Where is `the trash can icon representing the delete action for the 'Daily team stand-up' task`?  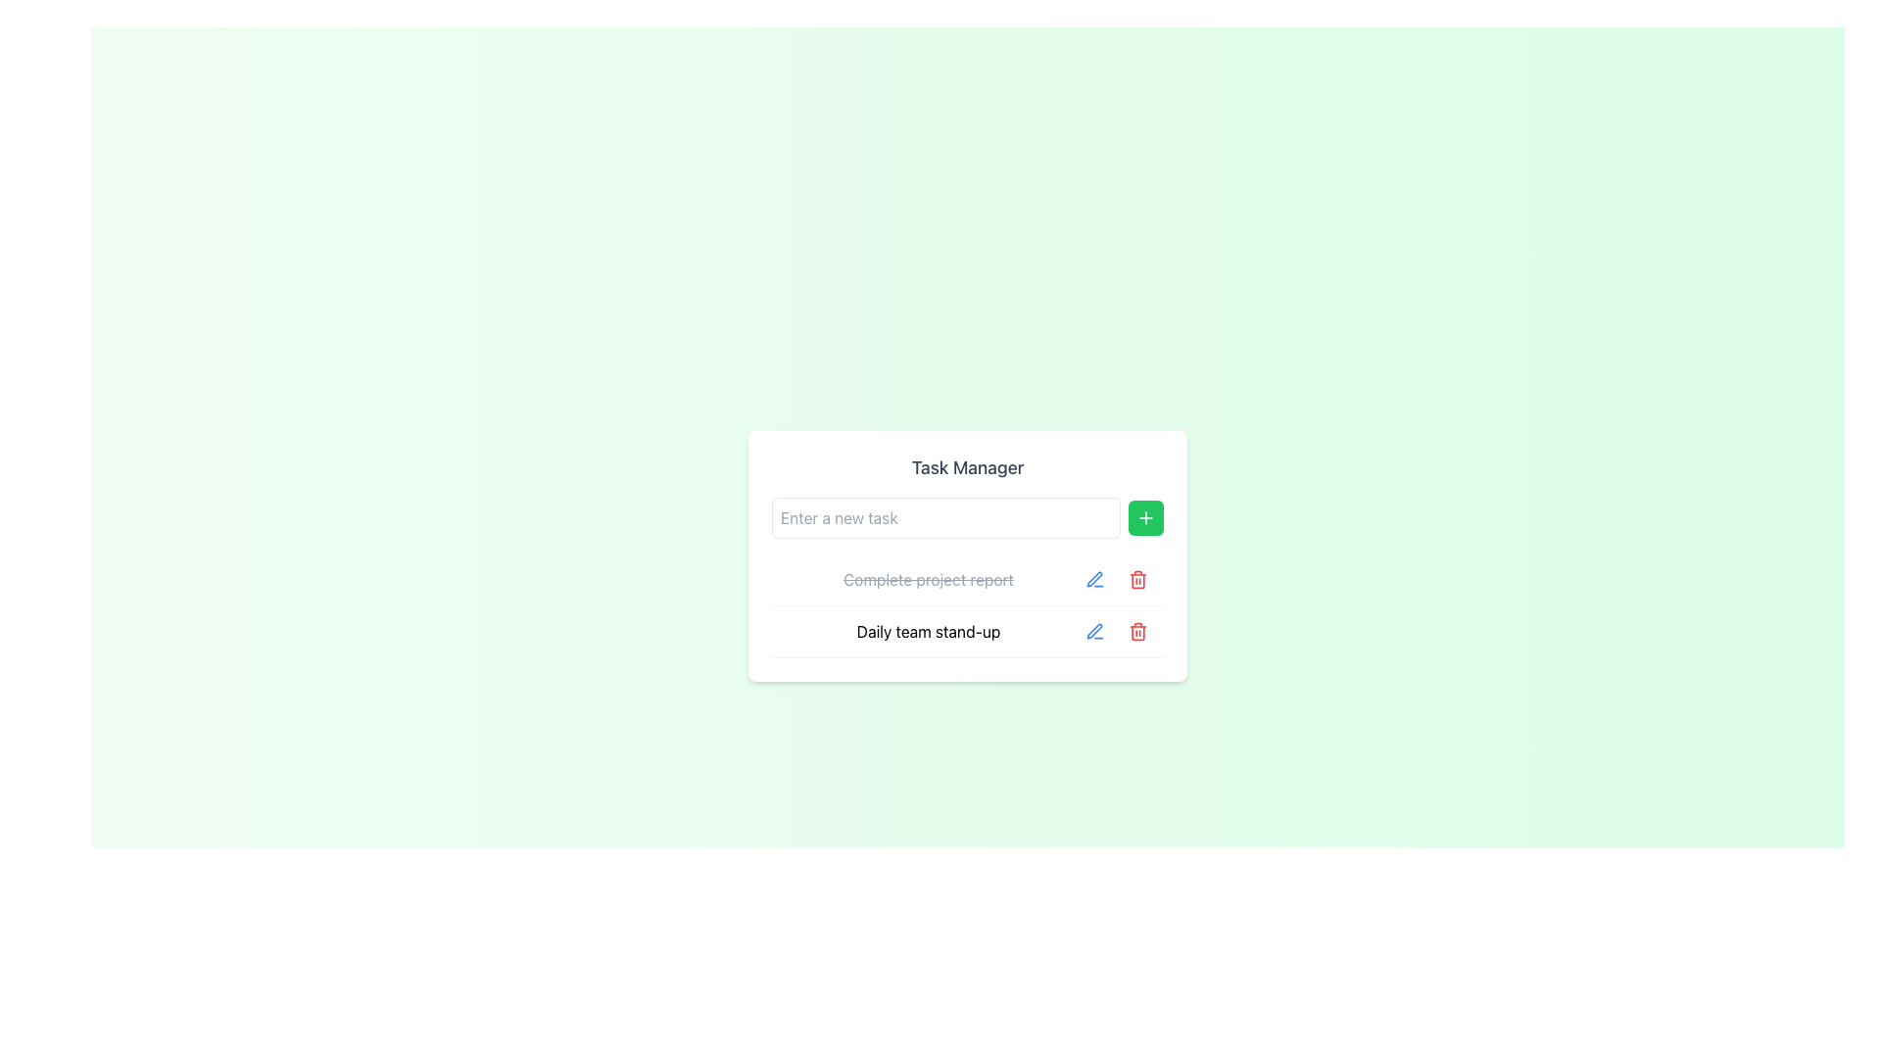 the trash can icon representing the delete action for the 'Daily team stand-up' task is located at coordinates (1137, 632).